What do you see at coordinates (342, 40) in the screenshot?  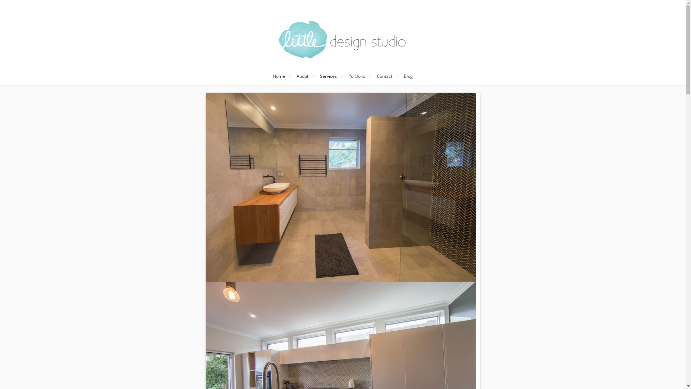 I see `'Little Design Studio'` at bounding box center [342, 40].